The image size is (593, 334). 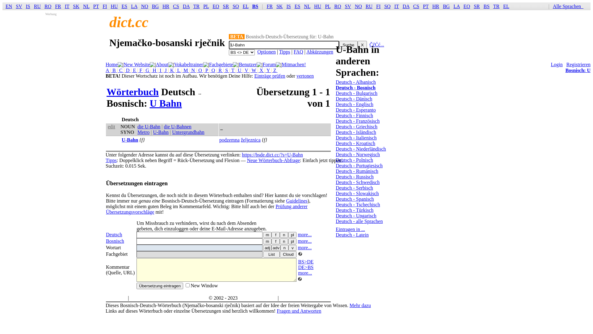 What do you see at coordinates (318, 6) in the screenshot?
I see `'HU'` at bounding box center [318, 6].